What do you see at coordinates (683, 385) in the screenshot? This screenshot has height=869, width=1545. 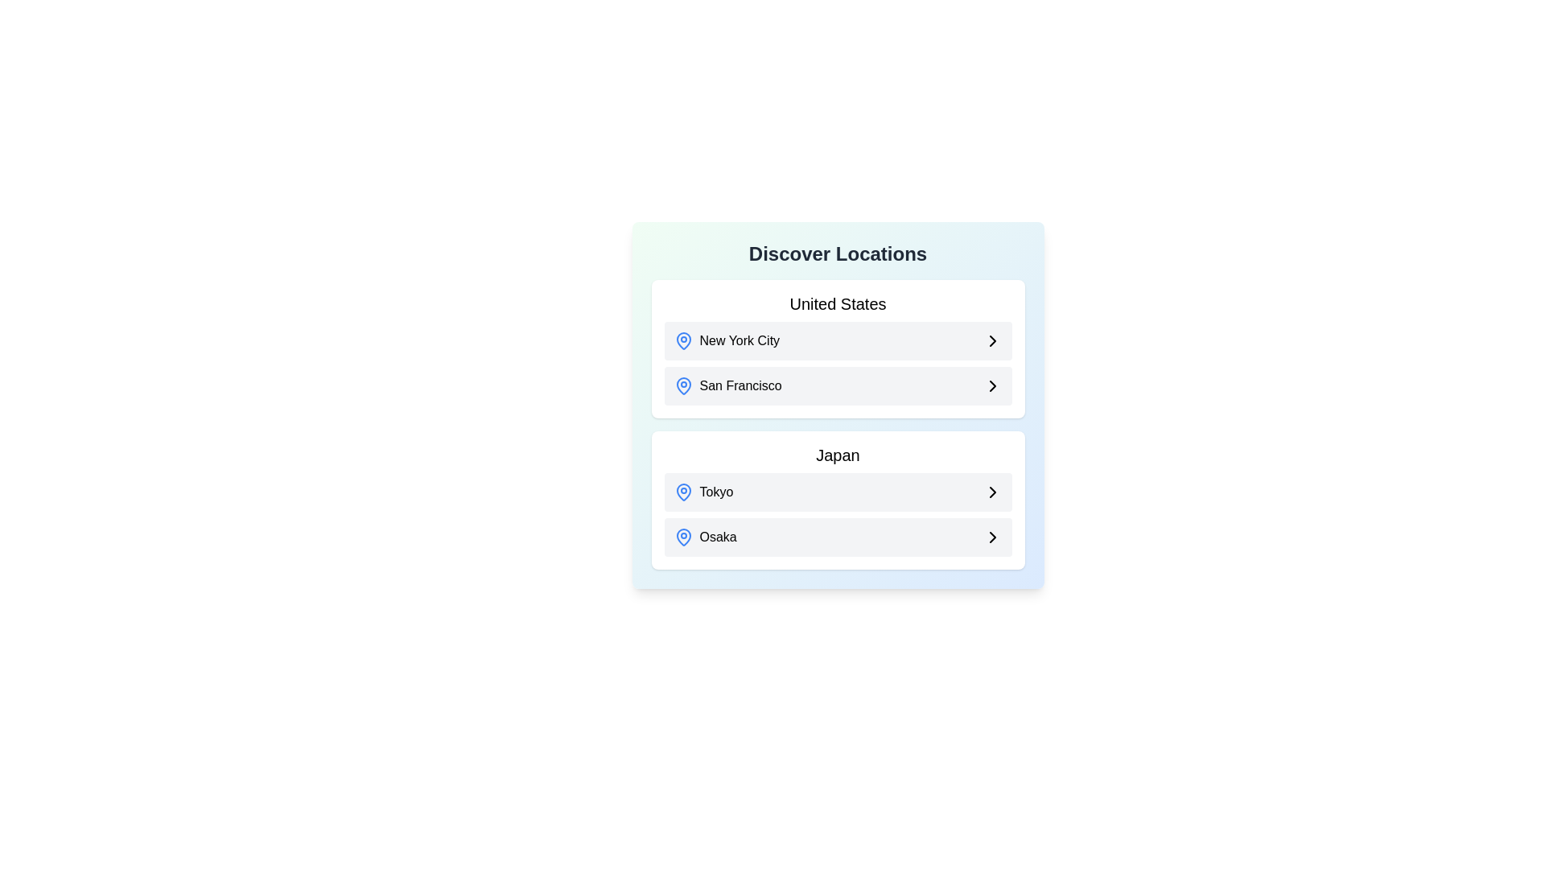 I see `the location marker icon indicating 'San Francisco', which is positioned to the left of the text in the second row of the 'United States' section under the header 'Discover Locations'` at bounding box center [683, 385].